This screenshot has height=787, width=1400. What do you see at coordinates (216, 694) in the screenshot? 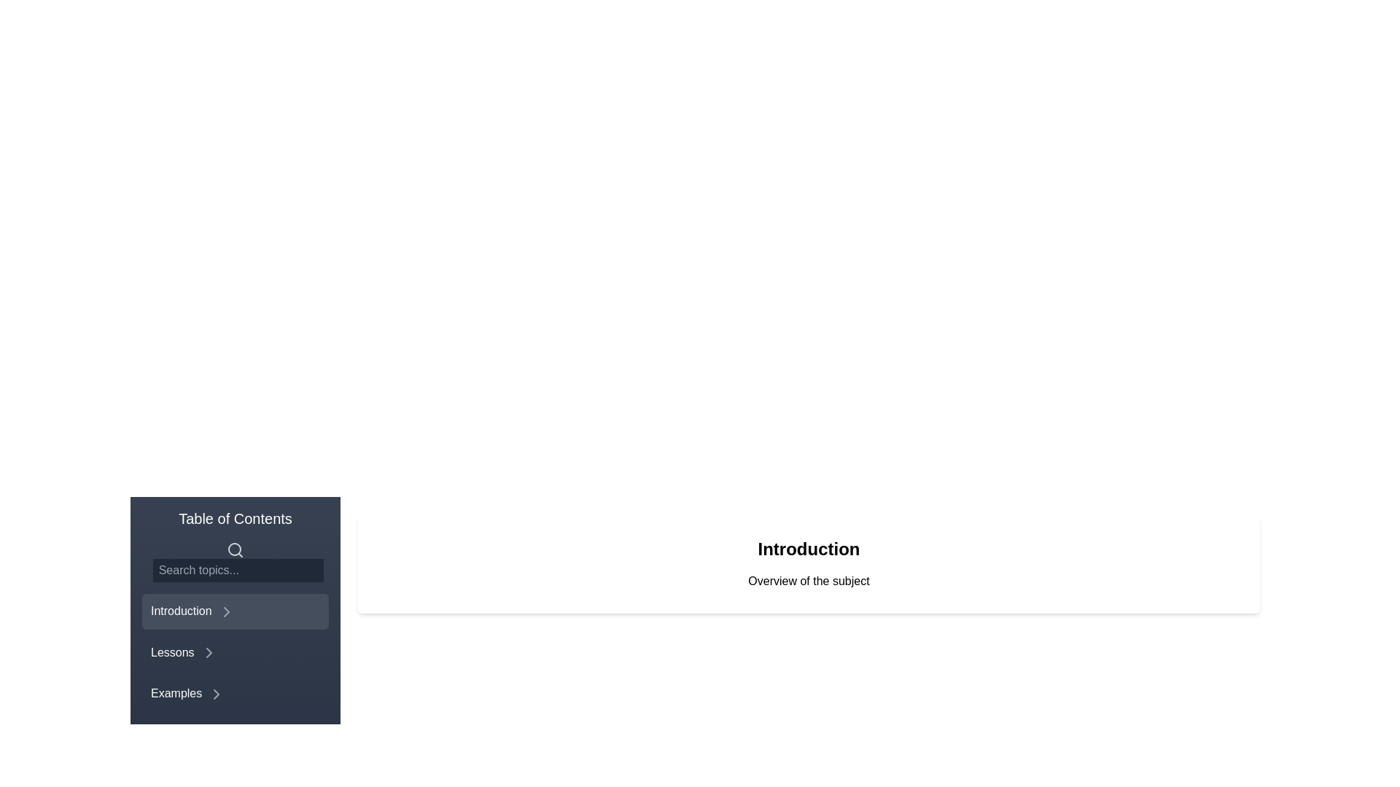
I see `the chevron arrow icon located to the right of the 'Examples' text in the 'Table of Contents' section` at bounding box center [216, 694].